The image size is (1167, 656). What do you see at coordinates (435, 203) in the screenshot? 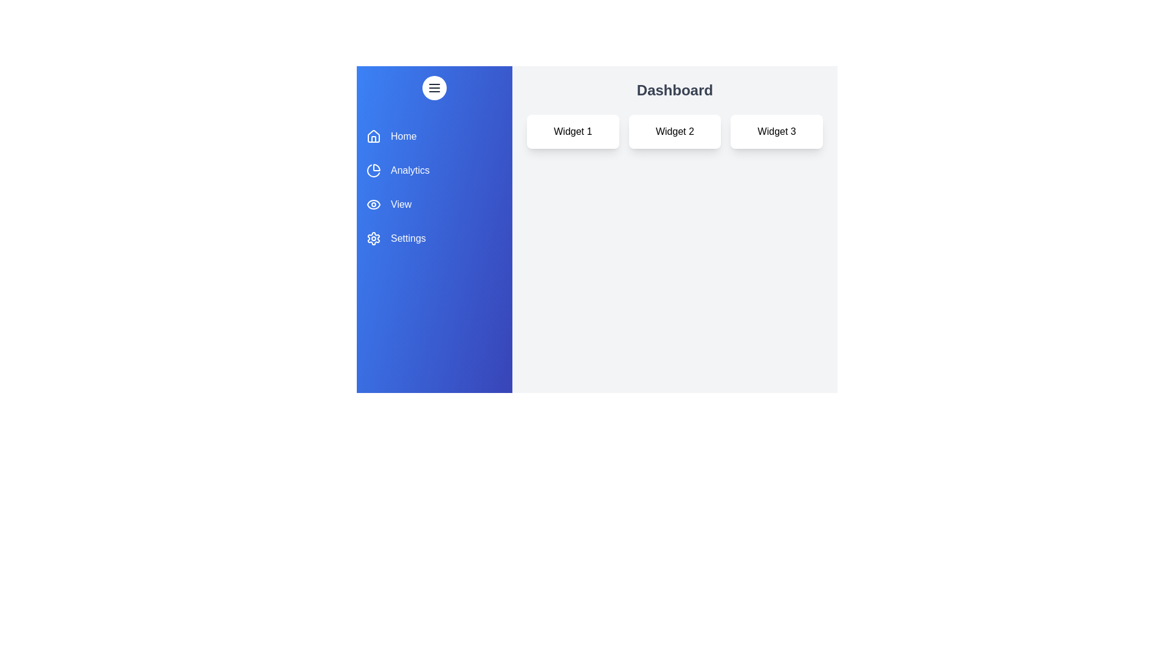
I see `the section View in the drawer to highlight it` at bounding box center [435, 203].